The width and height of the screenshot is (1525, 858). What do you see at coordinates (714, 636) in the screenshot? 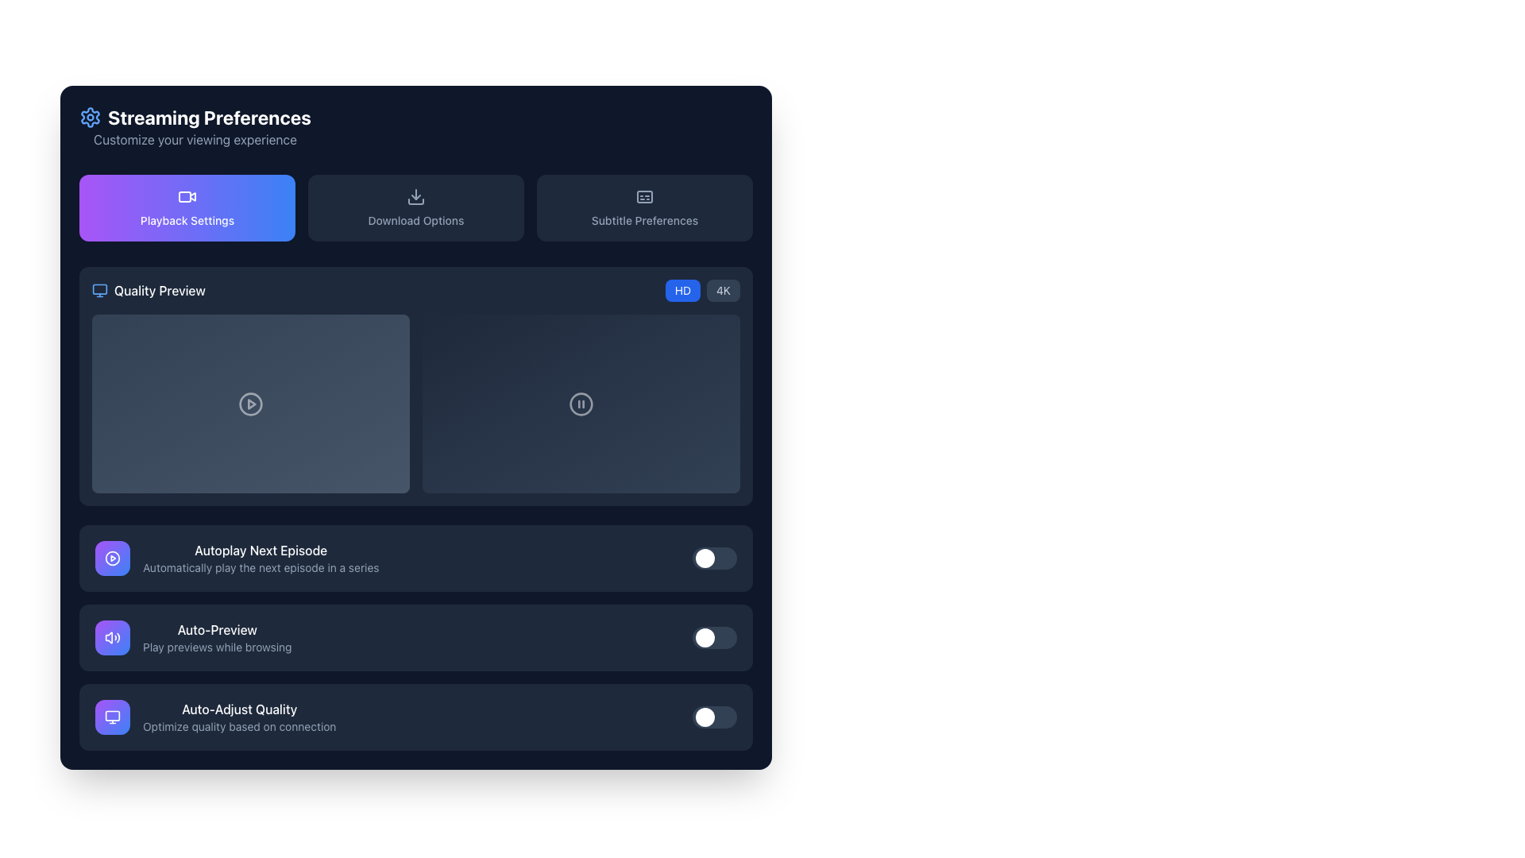
I see `the toggle switch in the bottom-right corner of the 'Auto-Preview' setting row` at bounding box center [714, 636].